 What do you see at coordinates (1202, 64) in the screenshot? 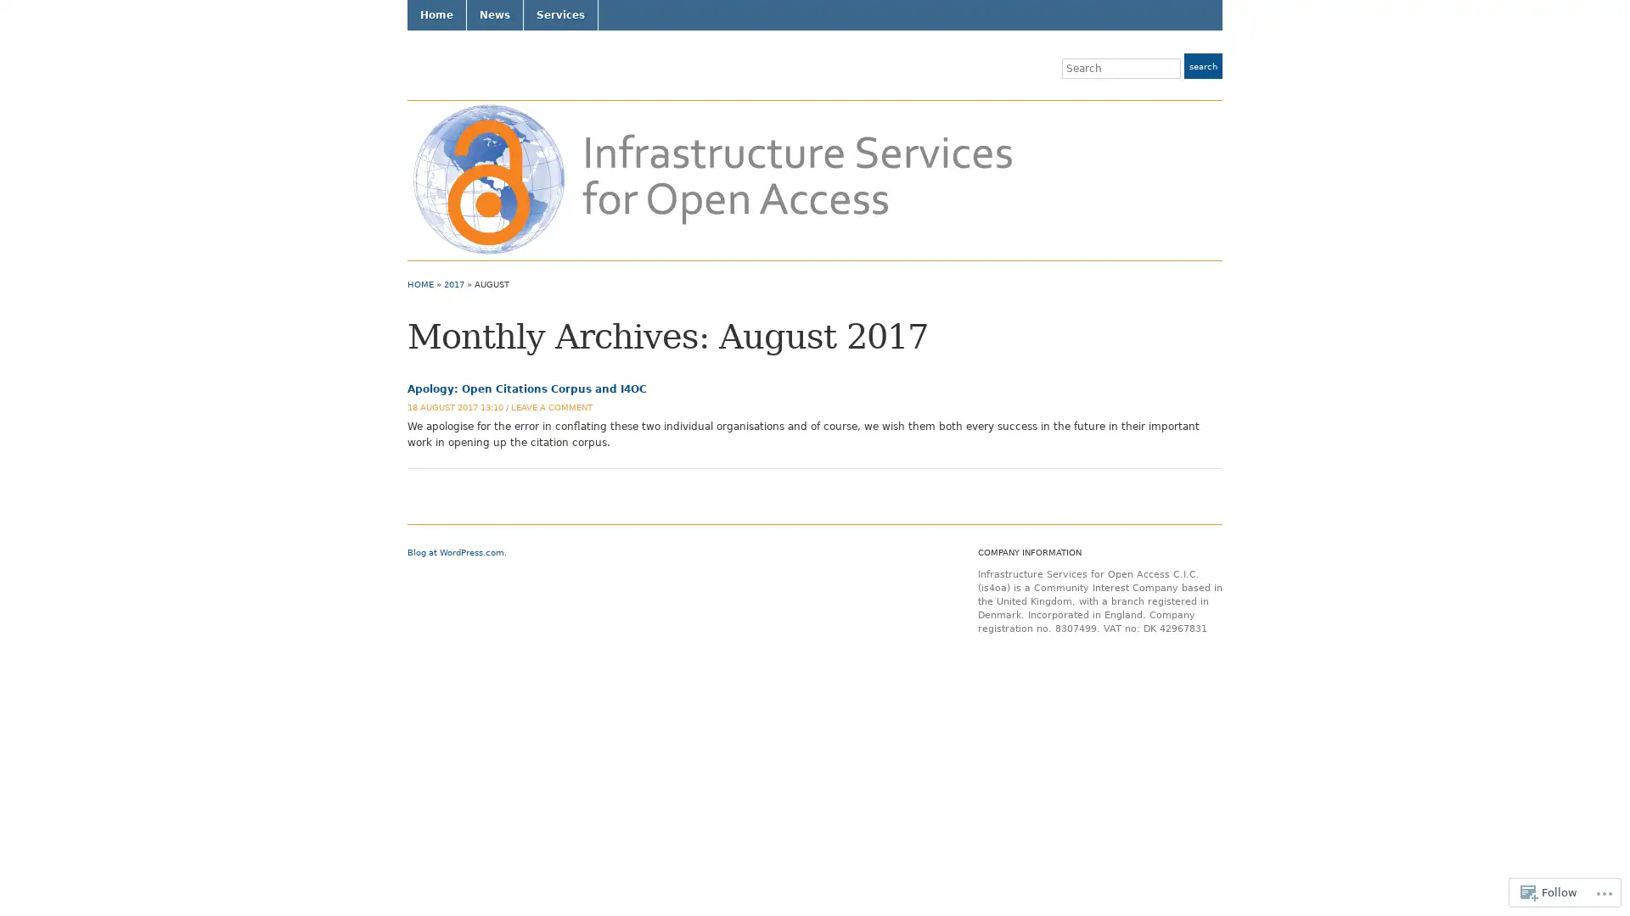
I see `search` at bounding box center [1202, 64].